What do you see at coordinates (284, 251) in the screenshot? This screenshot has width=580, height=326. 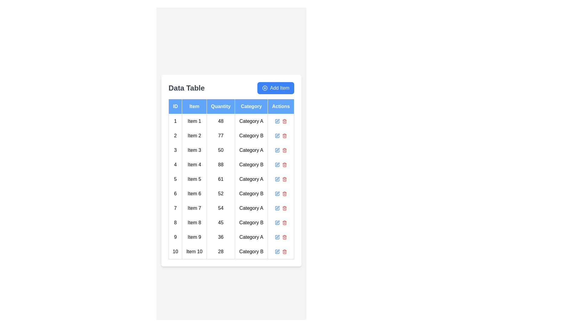 I see `the red trash bin icon in the Actions column of the tenth row of the data table to indicate deletion` at bounding box center [284, 251].